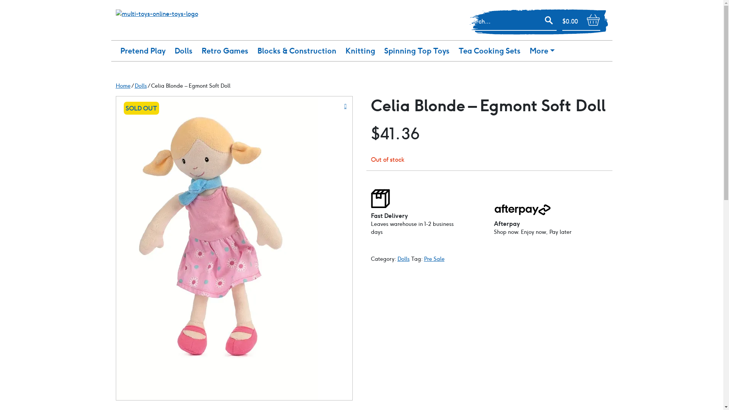 The image size is (729, 410). What do you see at coordinates (115, 51) in the screenshot?
I see `'Pretend Play'` at bounding box center [115, 51].